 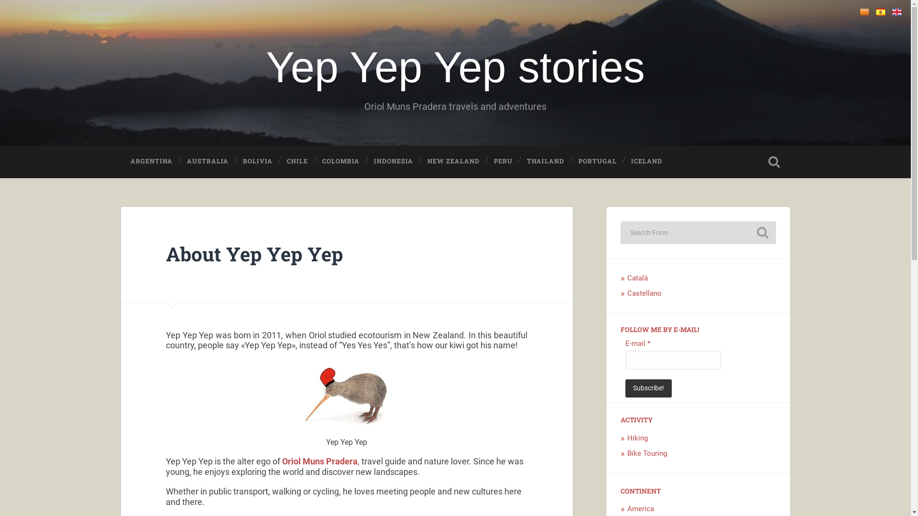 What do you see at coordinates (341, 161) in the screenshot?
I see `'COLOMBIA'` at bounding box center [341, 161].